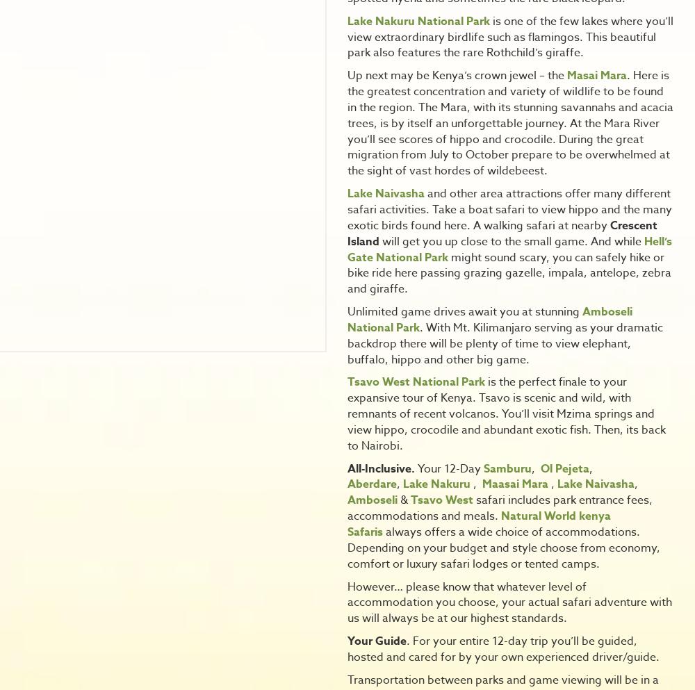  What do you see at coordinates (511, 240) in the screenshot?
I see `'will get you up close to the small game. And while'` at bounding box center [511, 240].